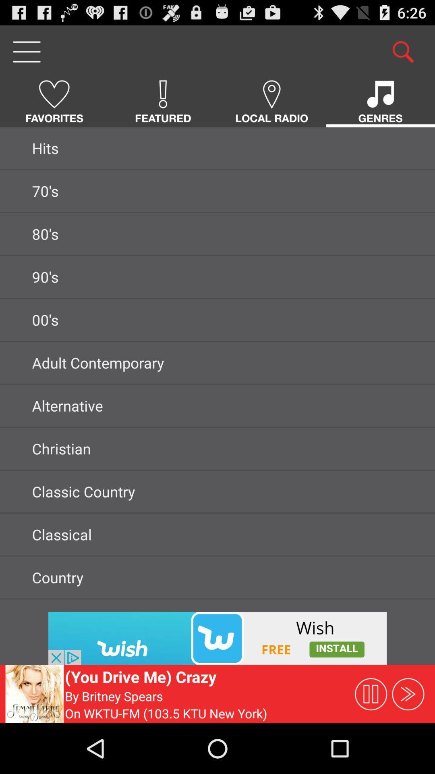 The height and width of the screenshot is (774, 435). Describe the element at coordinates (408, 742) in the screenshot. I see `the av_forward icon` at that location.